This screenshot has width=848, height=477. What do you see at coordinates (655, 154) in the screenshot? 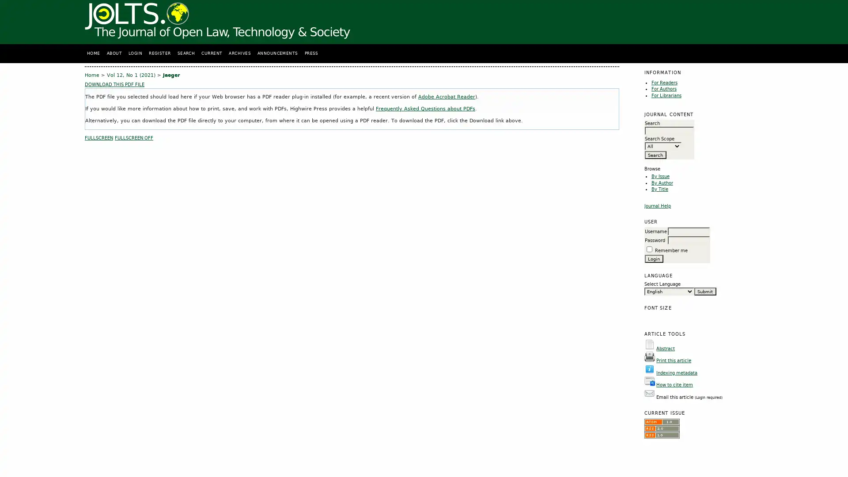
I see `Search` at bounding box center [655, 154].